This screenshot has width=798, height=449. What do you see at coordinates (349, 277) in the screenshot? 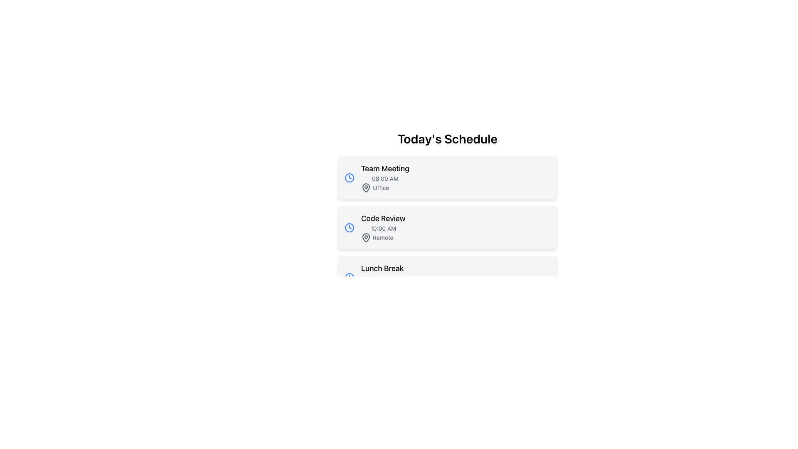
I see `the outer circular border of the clock icon next to the 'Lunch Break' text in the schedule items` at bounding box center [349, 277].